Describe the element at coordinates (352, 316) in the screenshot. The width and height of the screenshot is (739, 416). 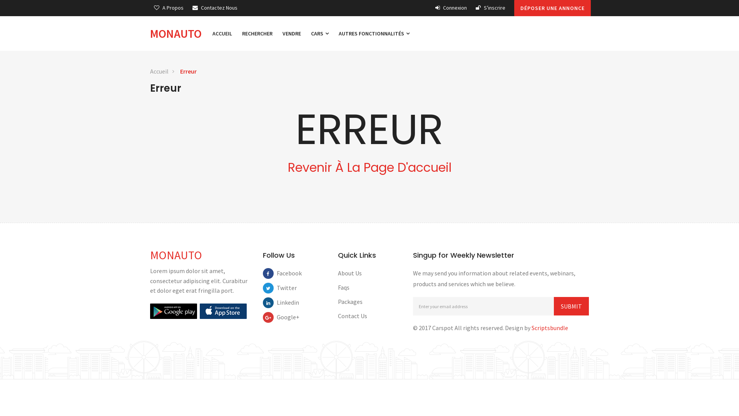
I see `'Contact Us'` at that location.